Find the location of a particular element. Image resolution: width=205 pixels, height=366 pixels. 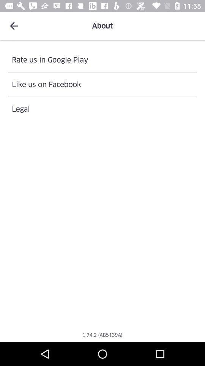

legal is located at coordinates (102, 109).